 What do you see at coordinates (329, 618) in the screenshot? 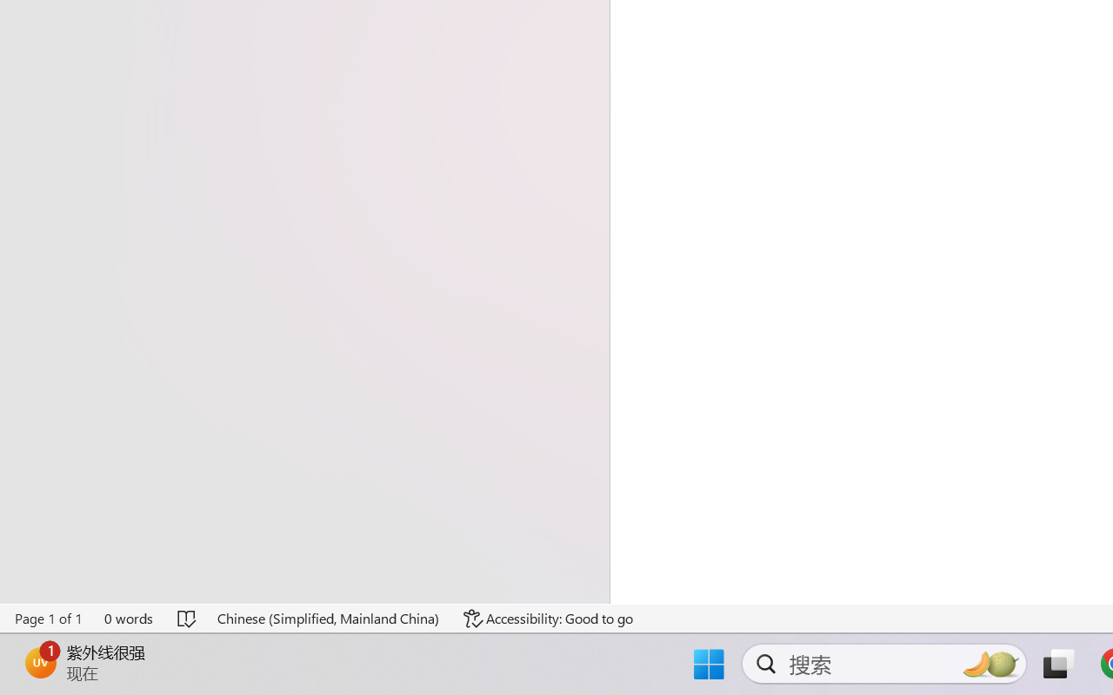
I see `'Language Chinese (Simplified, Mainland China)'` at bounding box center [329, 618].